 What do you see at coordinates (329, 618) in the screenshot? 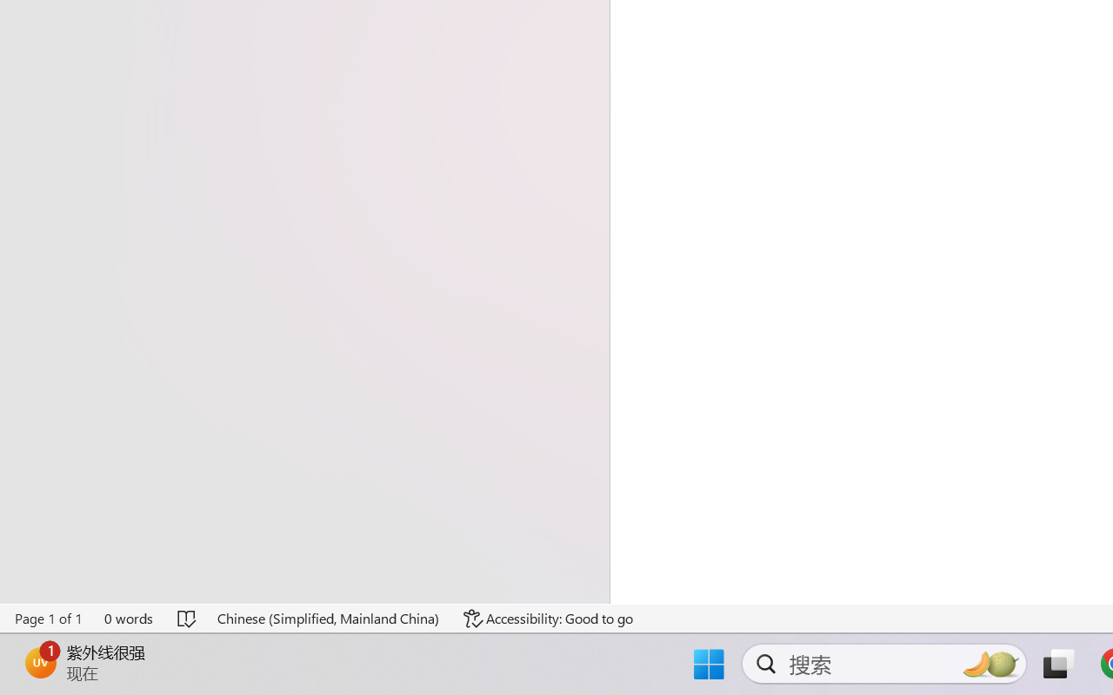
I see `'Language Chinese (Simplified, Mainland China)'` at bounding box center [329, 618].